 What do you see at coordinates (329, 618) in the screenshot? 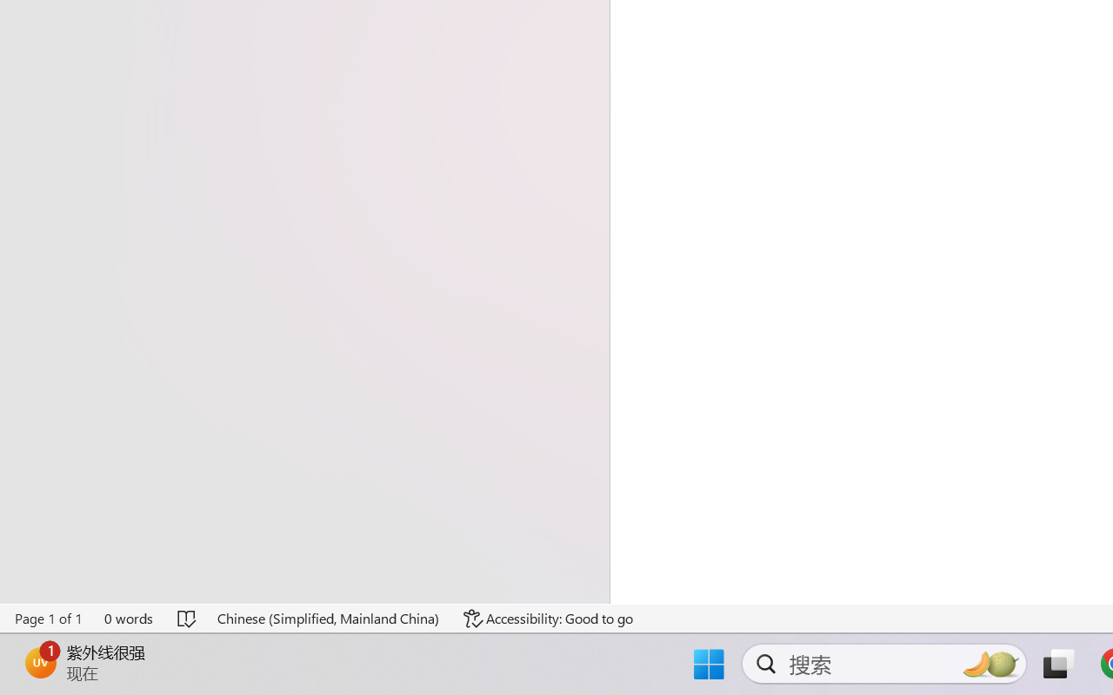
I see `'Language Chinese (Simplified, Mainland China)'` at bounding box center [329, 618].